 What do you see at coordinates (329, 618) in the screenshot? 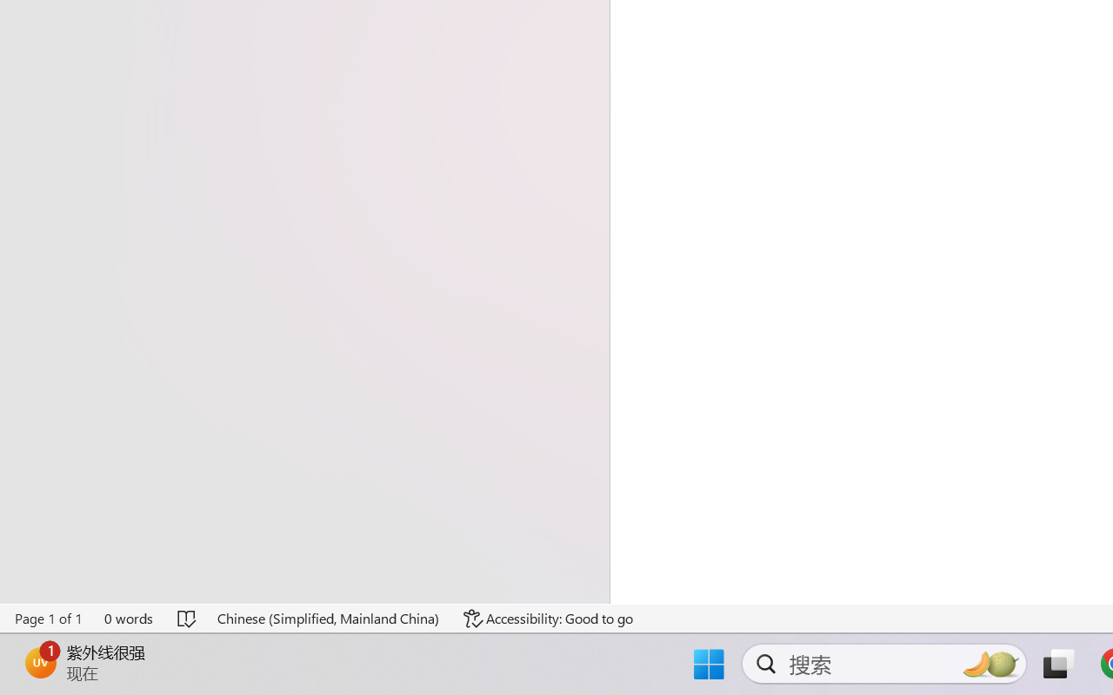
I see `'Language Chinese (Simplified, Mainland China)'` at bounding box center [329, 618].